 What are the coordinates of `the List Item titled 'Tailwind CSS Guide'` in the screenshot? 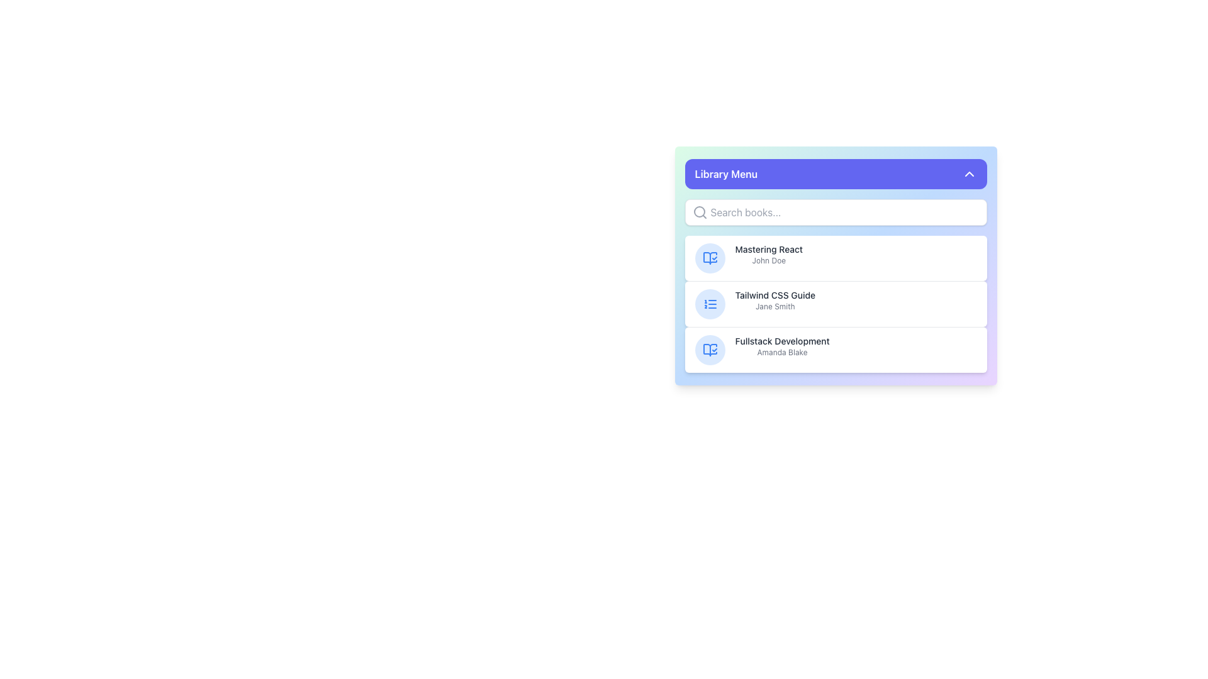 It's located at (836, 304).